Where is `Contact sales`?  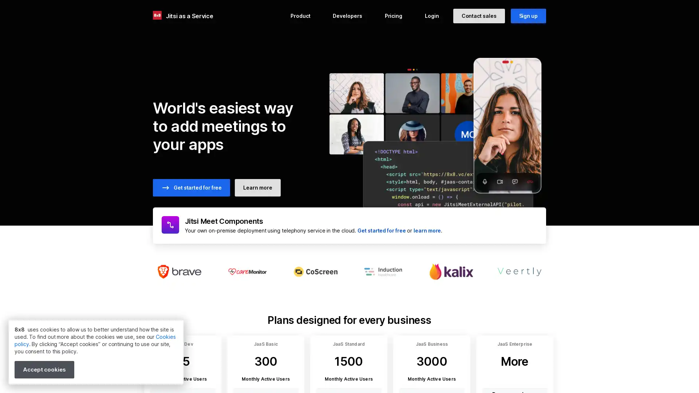 Contact sales is located at coordinates (479, 16).